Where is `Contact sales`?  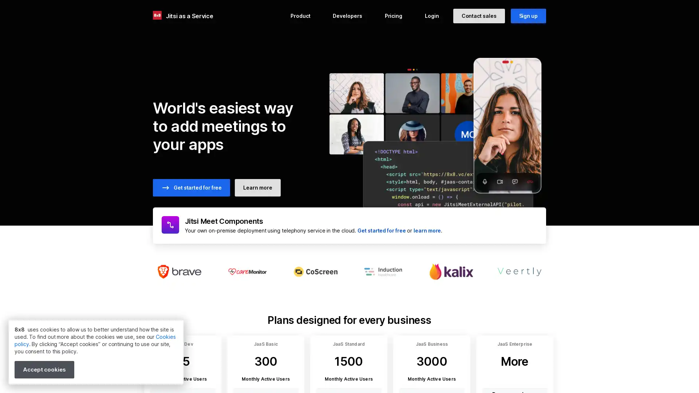 Contact sales is located at coordinates (479, 16).